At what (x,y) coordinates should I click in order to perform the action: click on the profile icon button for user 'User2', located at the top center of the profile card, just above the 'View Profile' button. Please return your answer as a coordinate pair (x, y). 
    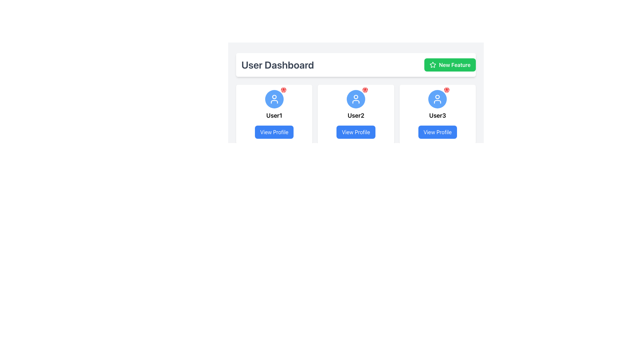
    Looking at the image, I should click on (355, 99).